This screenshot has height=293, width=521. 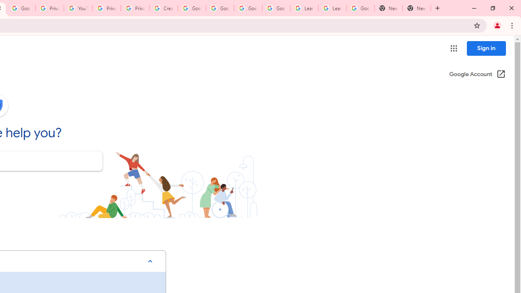 What do you see at coordinates (163, 8) in the screenshot?
I see `'Create your Google Account'` at bounding box center [163, 8].